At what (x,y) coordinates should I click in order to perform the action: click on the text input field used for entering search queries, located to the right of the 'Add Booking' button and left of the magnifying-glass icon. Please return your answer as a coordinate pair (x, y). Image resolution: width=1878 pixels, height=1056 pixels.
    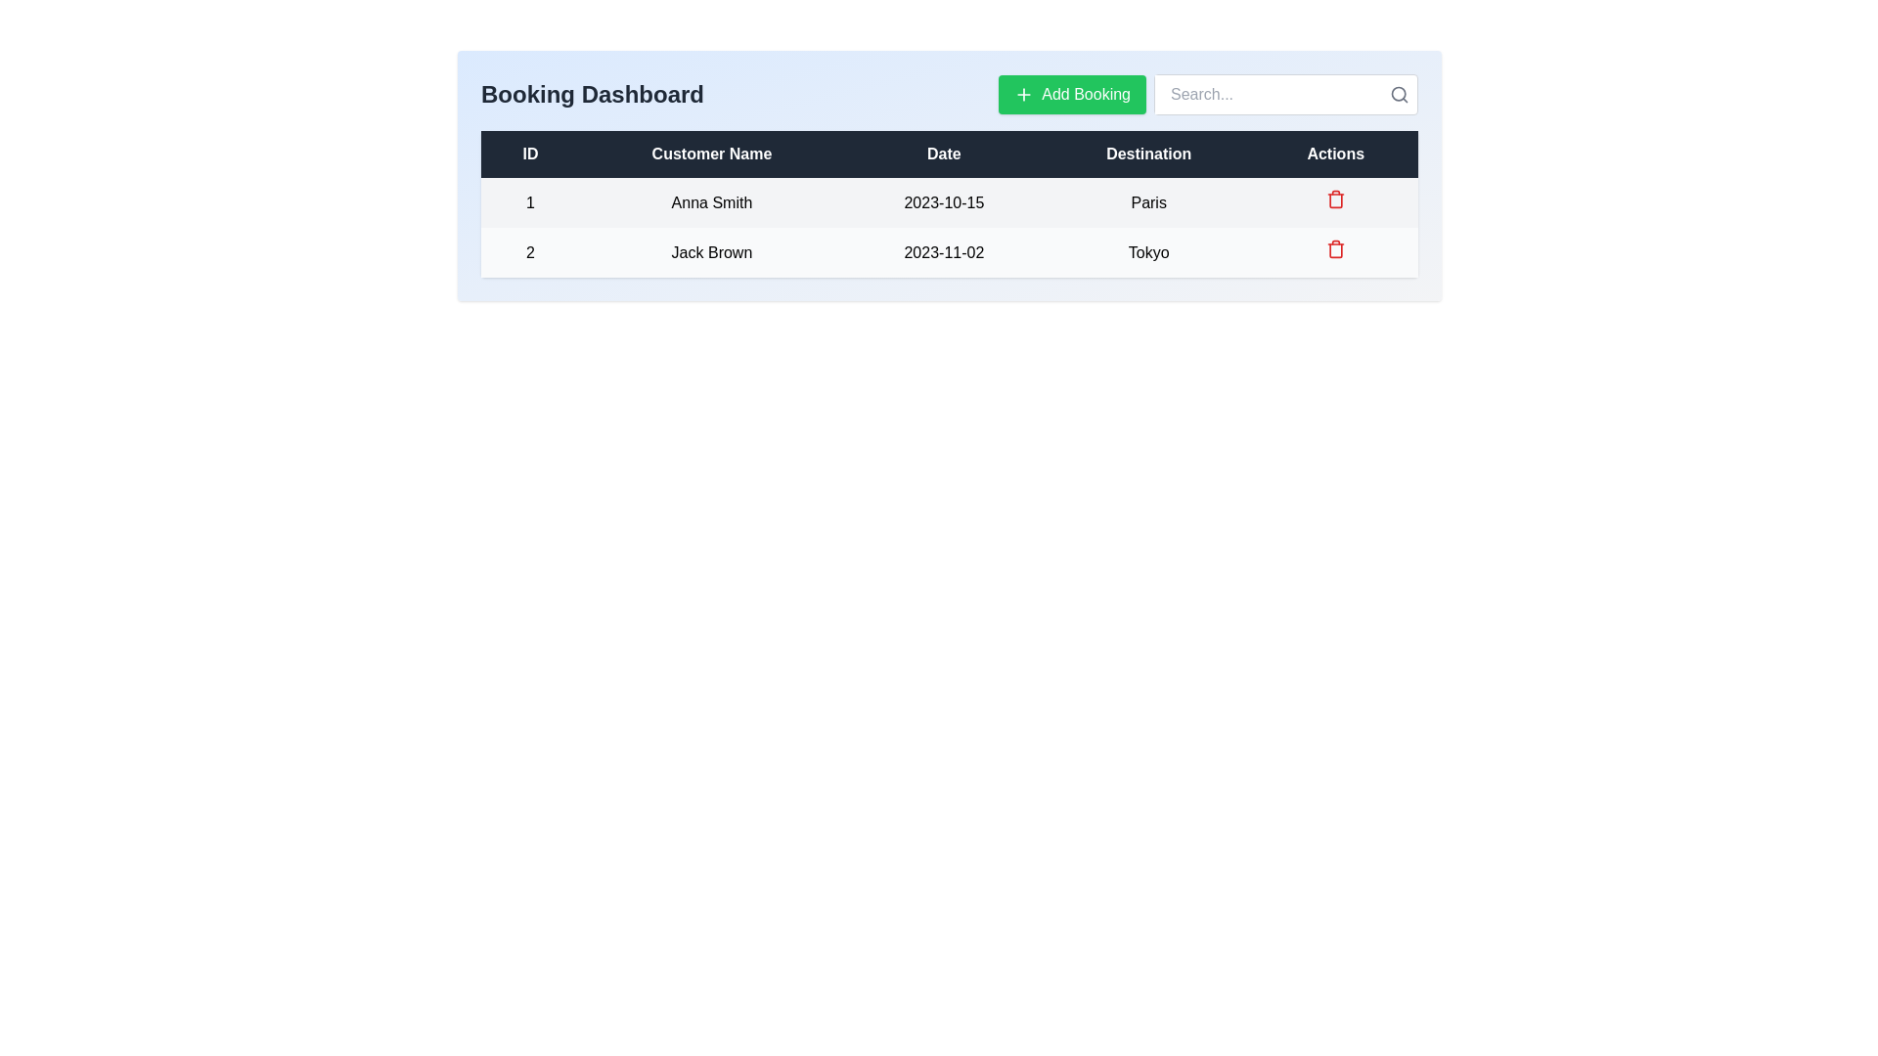
    Looking at the image, I should click on (1207, 94).